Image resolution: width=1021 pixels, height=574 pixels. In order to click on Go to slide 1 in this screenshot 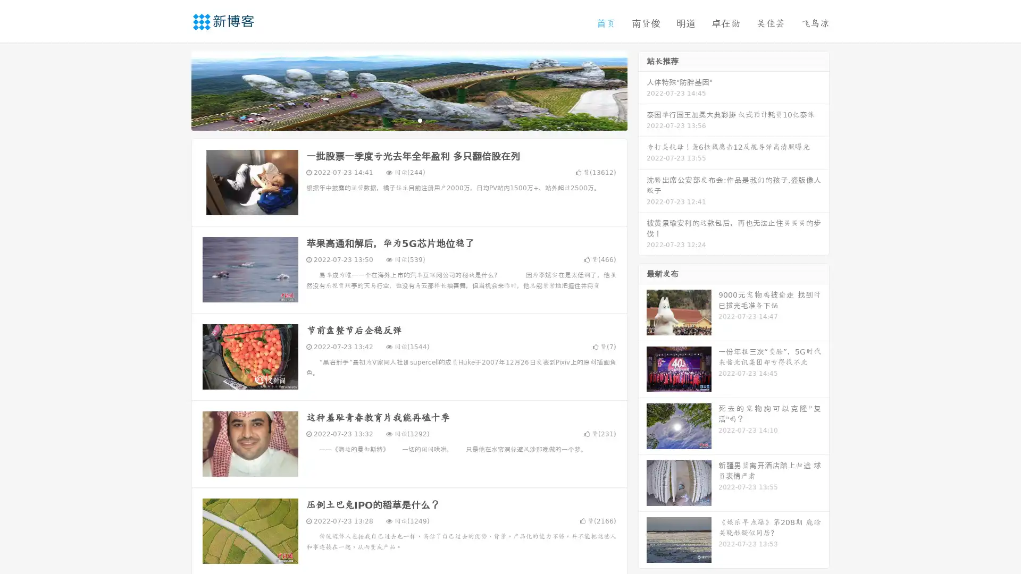, I will do `click(398, 120)`.